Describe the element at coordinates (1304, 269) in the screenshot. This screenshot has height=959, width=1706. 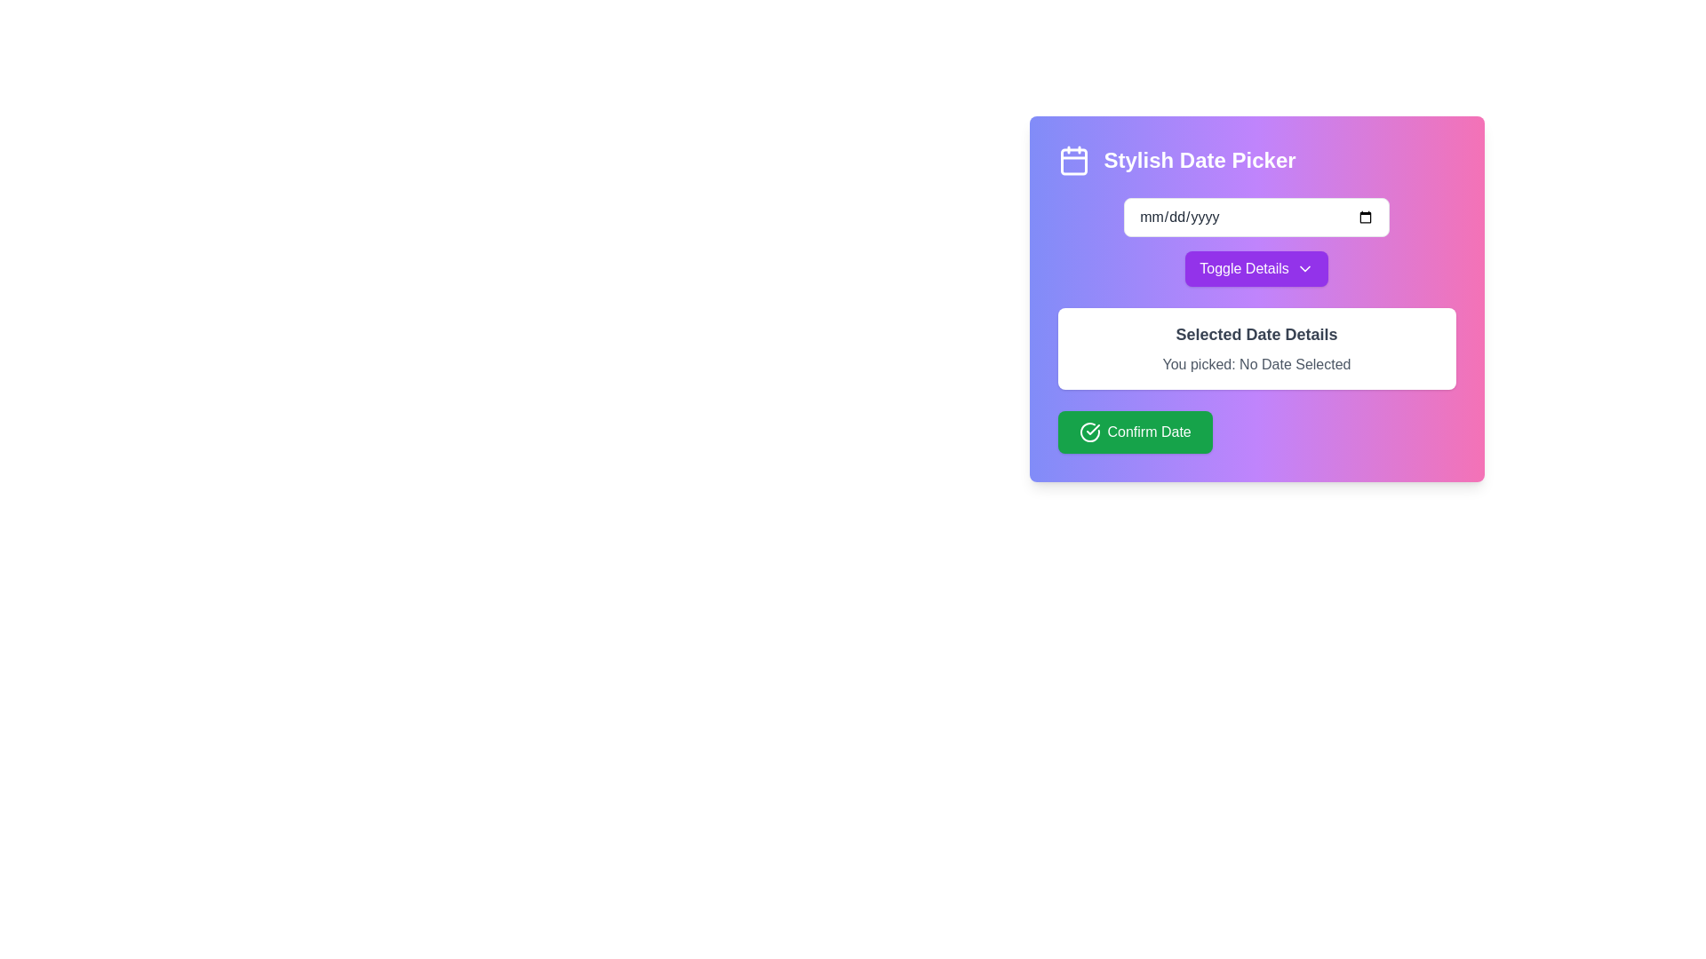
I see `the small downward-pointing chevron icon, which is outlined in vibrant purple and located to the right of the 'Toggle Details' button text in the Stylish Date Picker interface` at that location.